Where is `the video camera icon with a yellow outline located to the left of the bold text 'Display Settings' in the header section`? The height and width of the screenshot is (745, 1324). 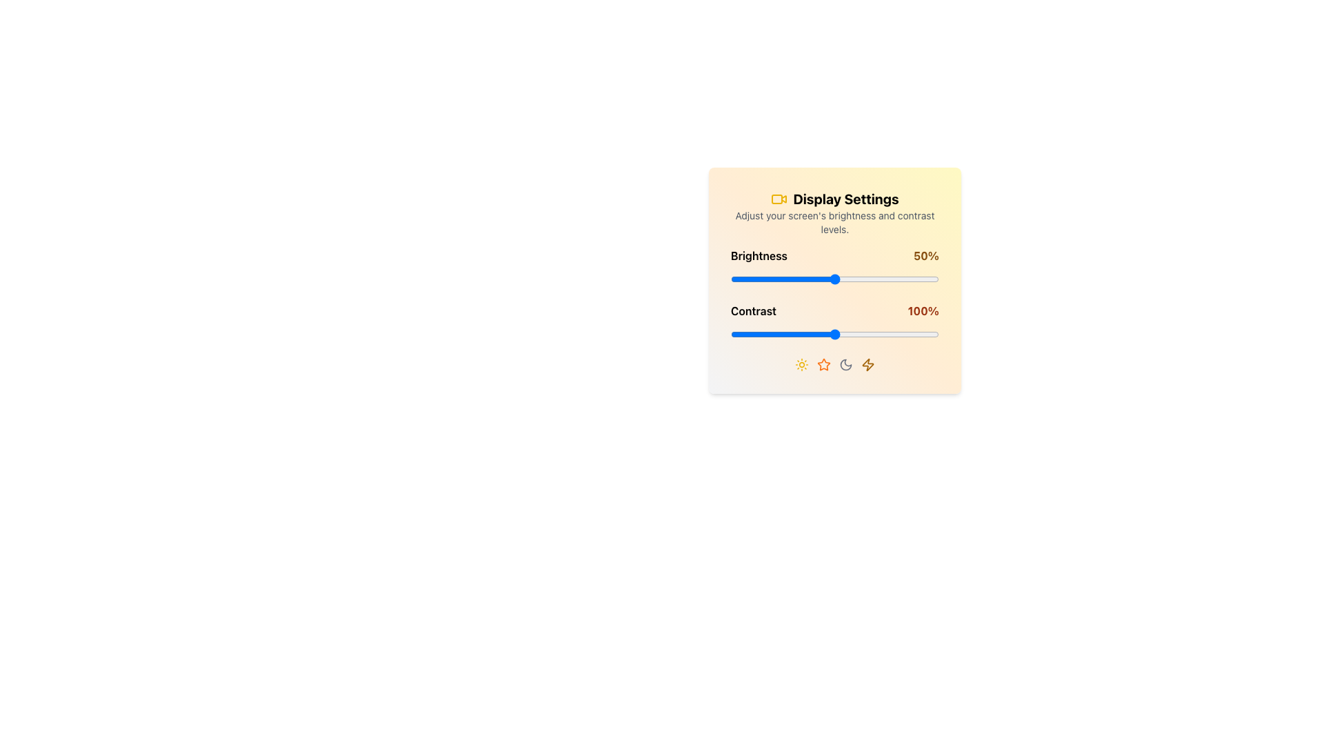
the video camera icon with a yellow outline located to the left of the bold text 'Display Settings' in the header section is located at coordinates (779, 199).